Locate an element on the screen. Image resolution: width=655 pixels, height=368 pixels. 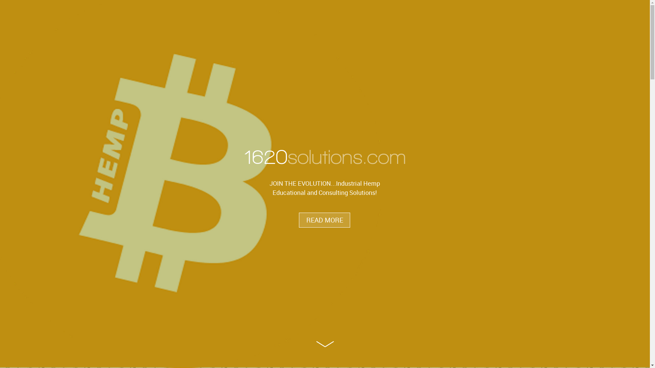
'READ MORE' is located at coordinates (299, 220).